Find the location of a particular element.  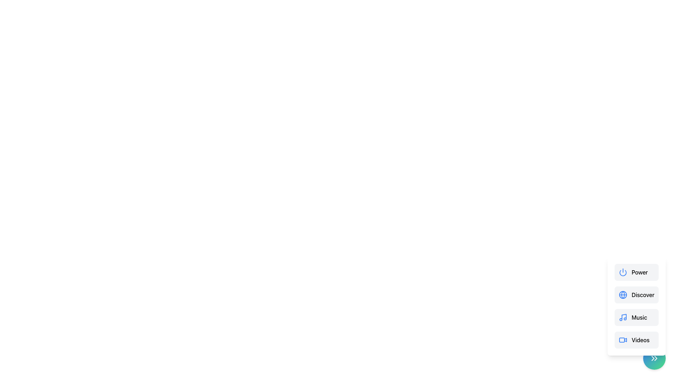

the circular element in the 'Discover' section of the vertical navigation menu, which is part of the globe icon is located at coordinates (623, 295).